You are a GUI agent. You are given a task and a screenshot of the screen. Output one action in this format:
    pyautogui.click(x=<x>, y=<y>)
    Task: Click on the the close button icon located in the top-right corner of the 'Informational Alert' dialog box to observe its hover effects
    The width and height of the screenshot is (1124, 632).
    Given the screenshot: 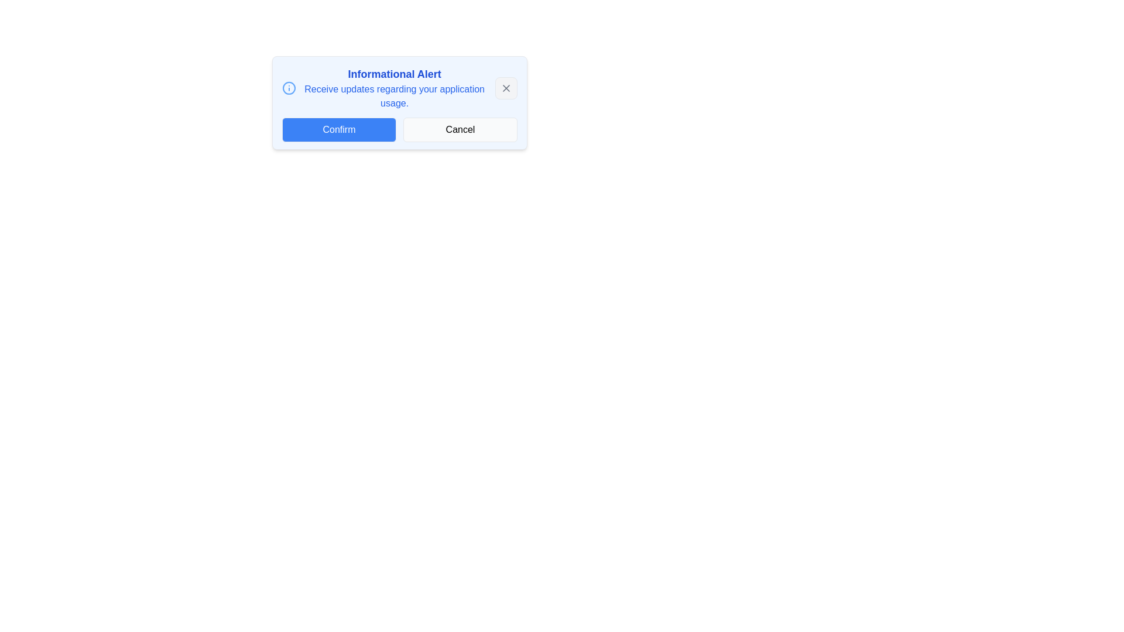 What is the action you would take?
    pyautogui.click(x=506, y=87)
    